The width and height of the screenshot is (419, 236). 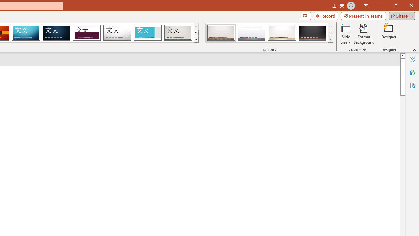 I want to click on 'Droplet', so click(x=117, y=33).